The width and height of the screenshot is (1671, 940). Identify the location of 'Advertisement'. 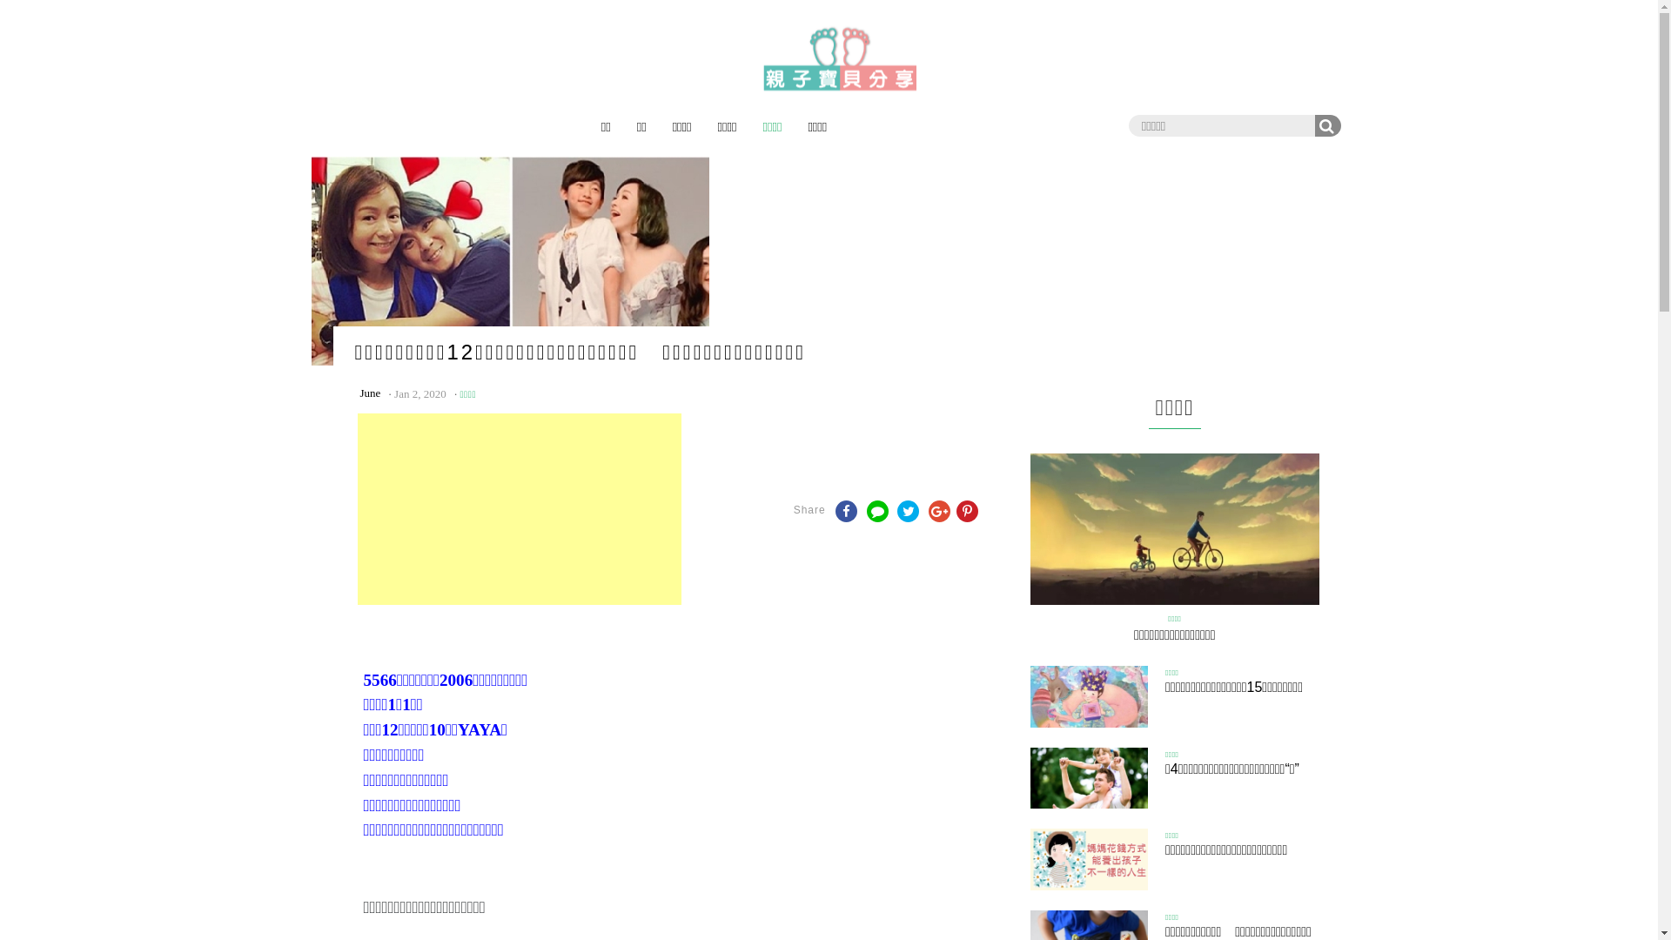
(518, 509).